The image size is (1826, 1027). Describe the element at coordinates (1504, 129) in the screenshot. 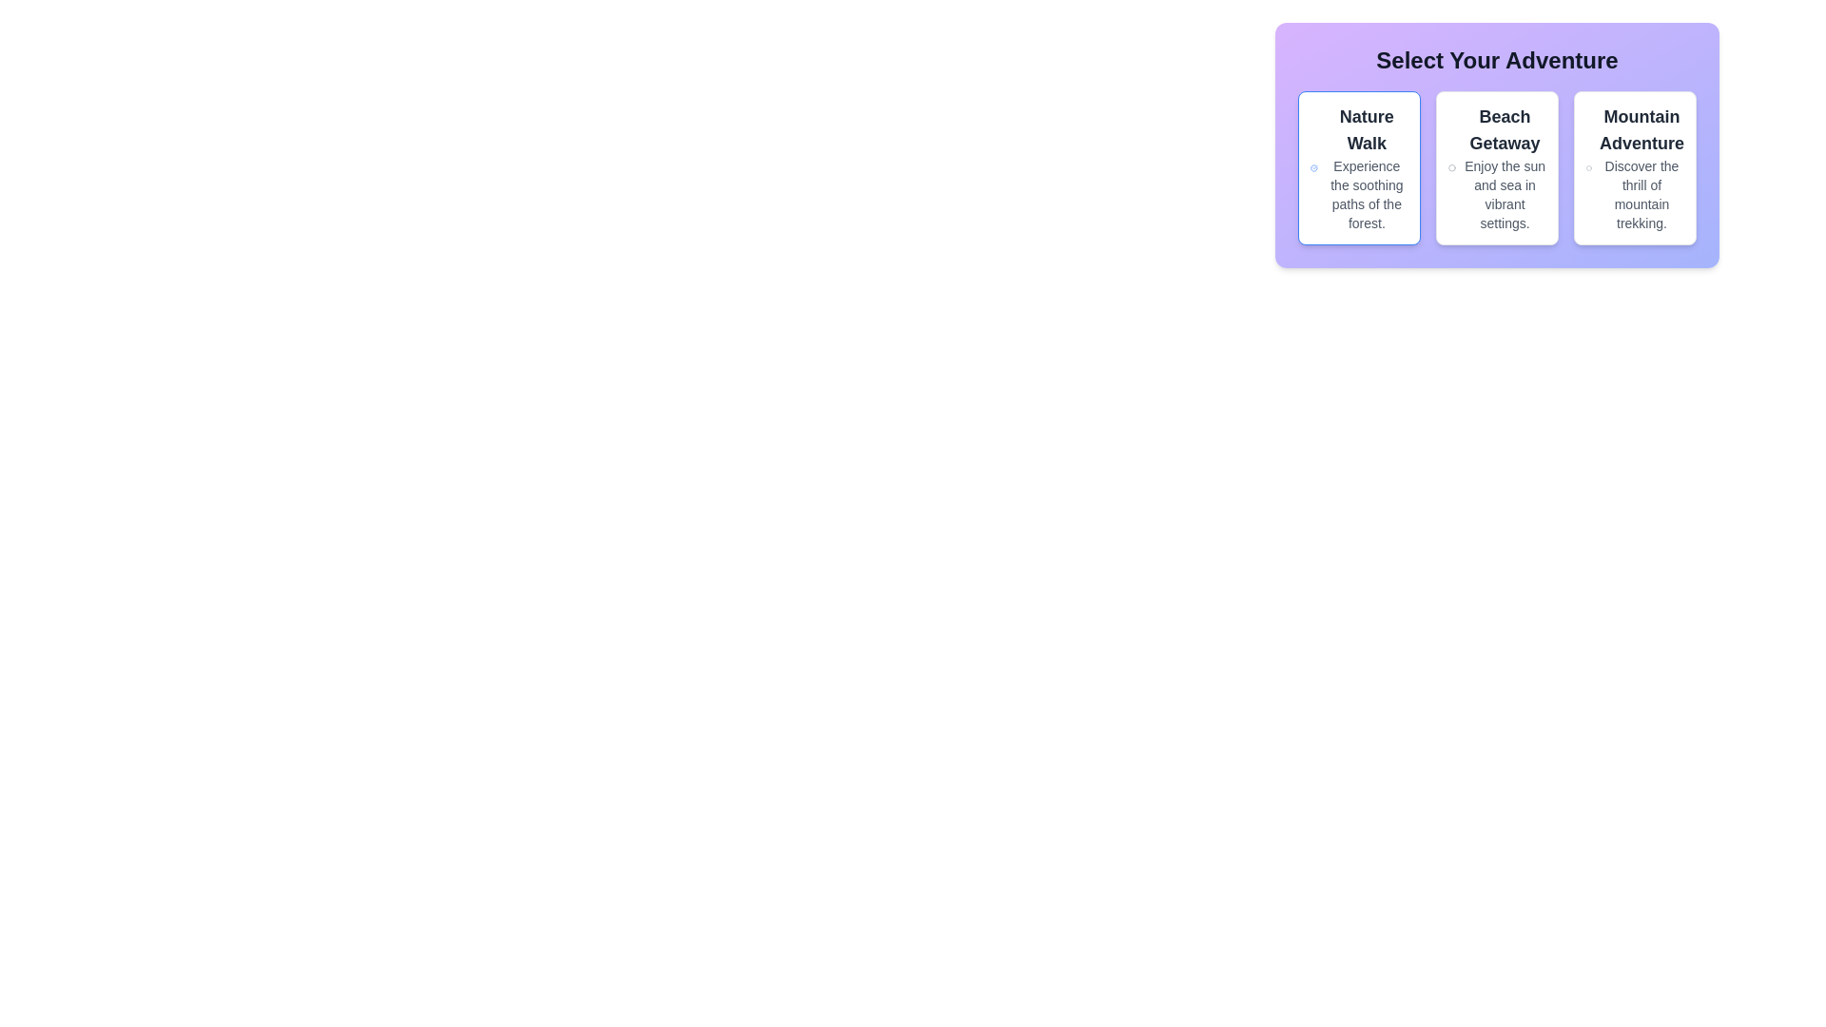

I see `the title text display that introduces the adventure selection menu, located in the middle card of the triplet layout` at that location.